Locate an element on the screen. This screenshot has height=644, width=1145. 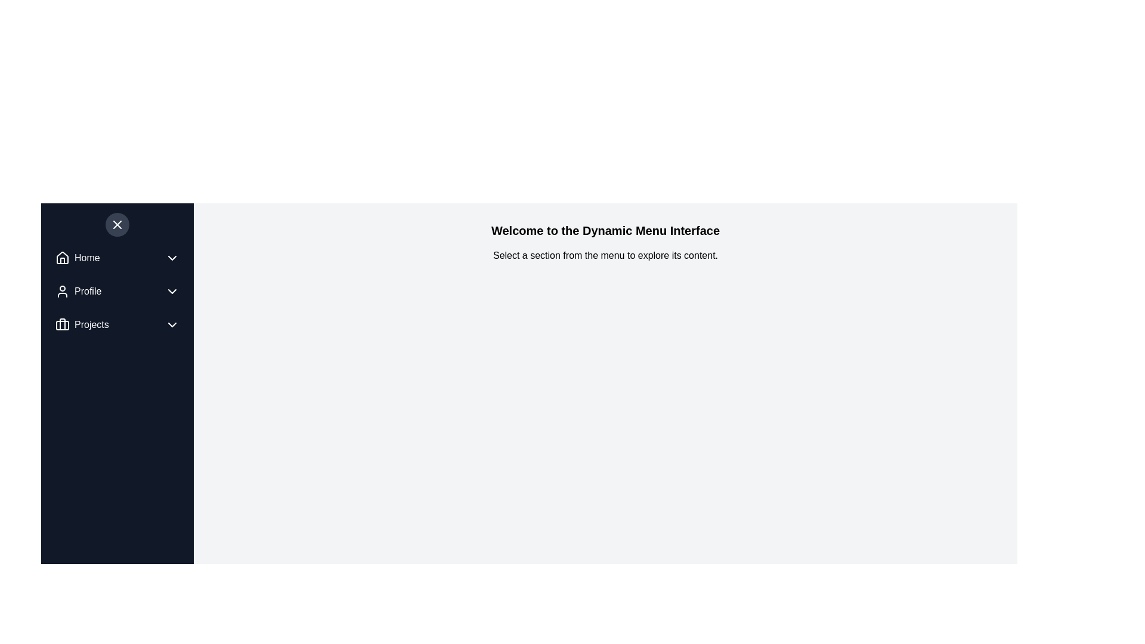
the dropdown indicator icon located at the rightmost part of the 'Projects' menu item is located at coordinates (171, 324).